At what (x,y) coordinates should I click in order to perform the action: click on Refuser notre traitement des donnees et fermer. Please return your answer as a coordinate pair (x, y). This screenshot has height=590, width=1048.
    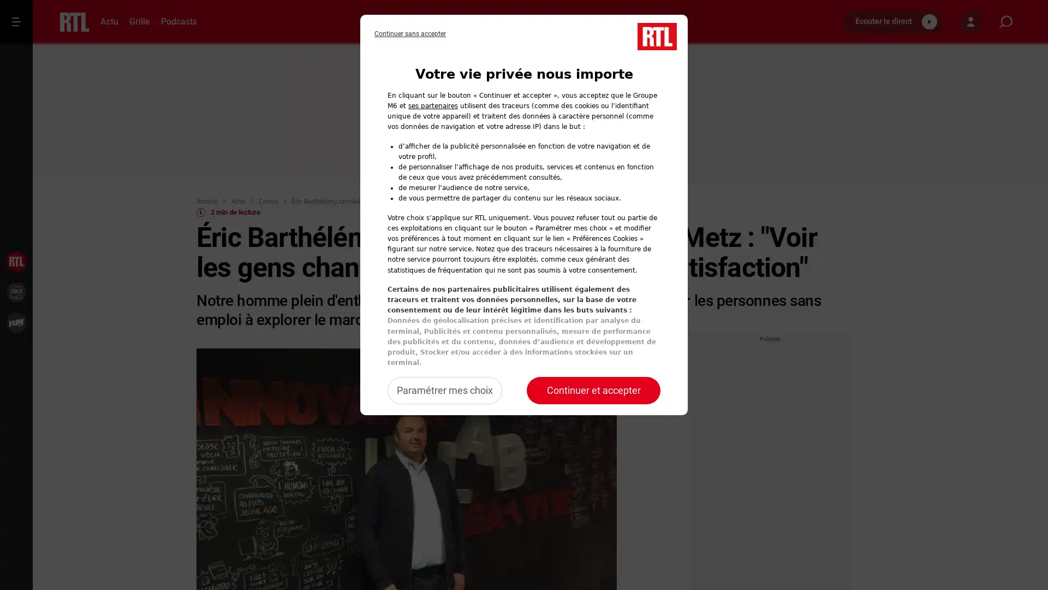
    Looking at the image, I should click on (419, 33).